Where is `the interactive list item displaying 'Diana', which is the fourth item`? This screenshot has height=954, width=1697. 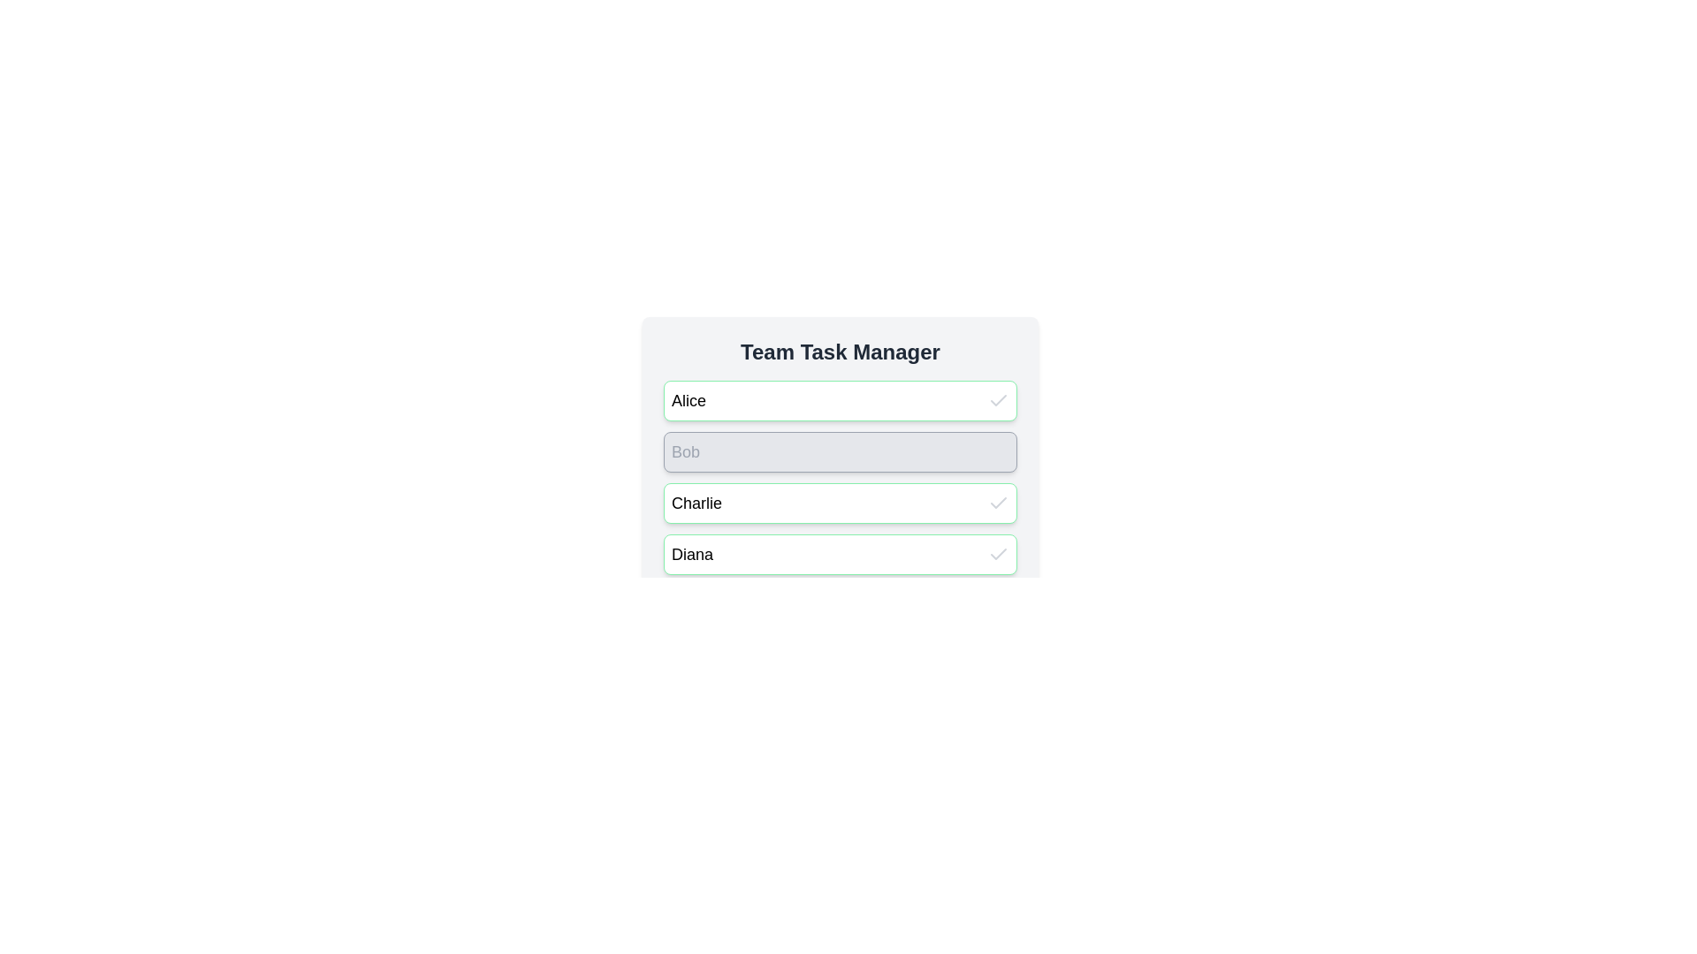
the interactive list item displaying 'Diana', which is the fourth item is located at coordinates (839, 554).